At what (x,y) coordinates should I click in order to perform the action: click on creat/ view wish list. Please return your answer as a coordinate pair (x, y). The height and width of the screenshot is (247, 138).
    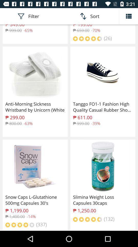
    Looking at the image, I should click on (128, 16).